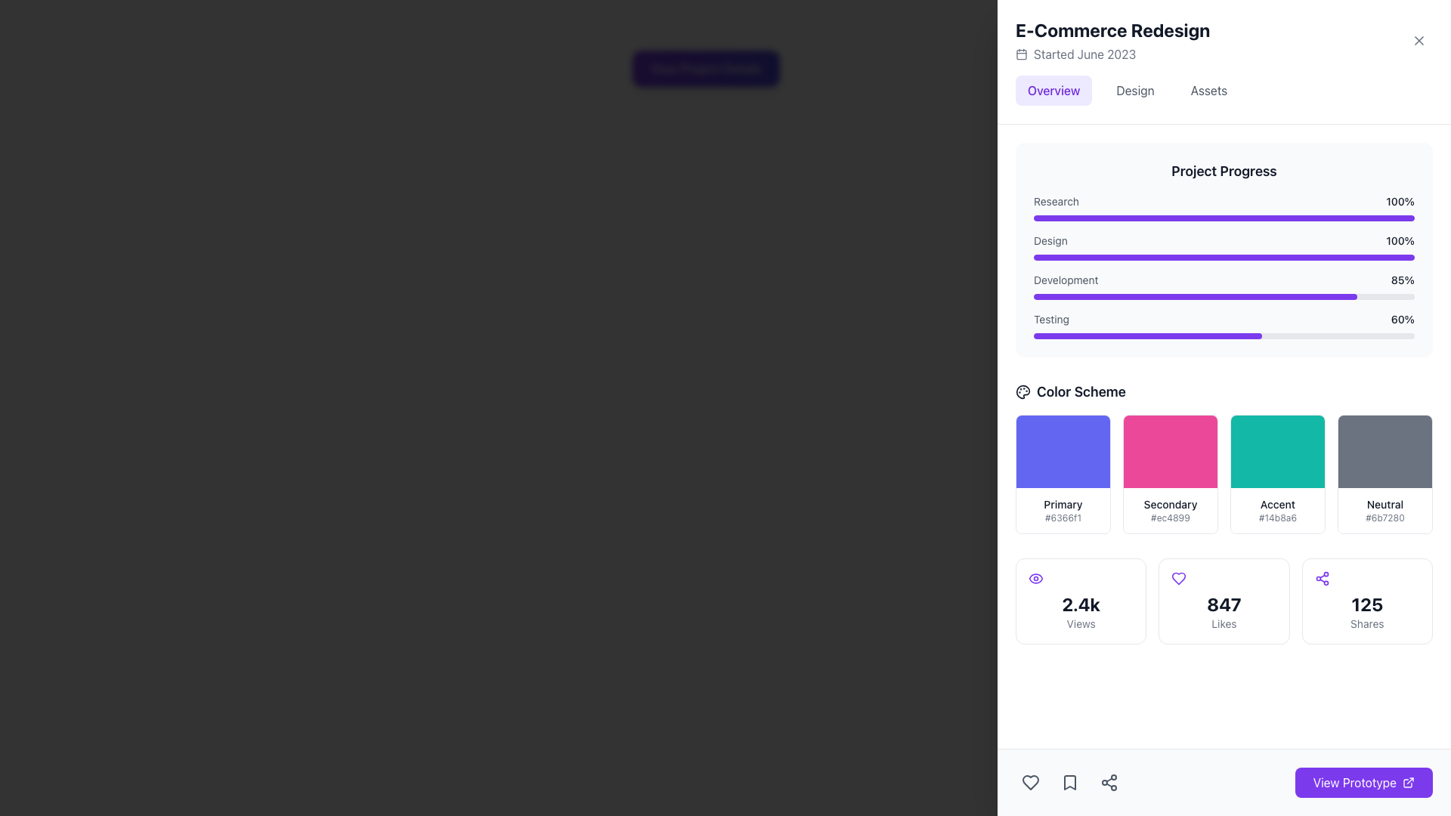 The image size is (1451, 816). Describe the element at coordinates (1224, 297) in the screenshot. I see `the horizontal progress bar with rounded corners and a purple-filled section indicating 85% progress, located under the 'Development' label in the 'Project Progress' section` at that location.